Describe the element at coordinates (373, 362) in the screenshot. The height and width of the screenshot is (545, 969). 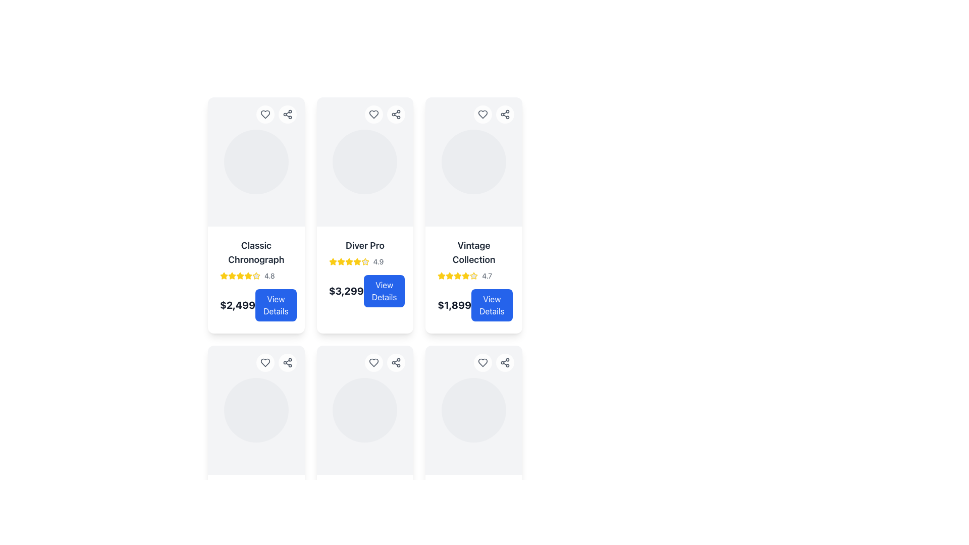
I see `the heart-shaped icon located in the top-right corner of the middle card in the bottom row, which indicates a 'like' or 'favorite' action` at that location.